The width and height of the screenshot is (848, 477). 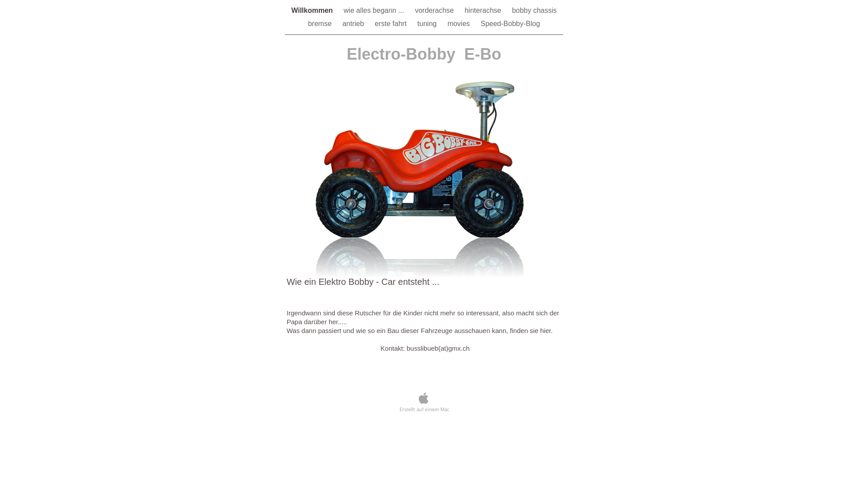 What do you see at coordinates (435, 10) in the screenshot?
I see `'vorderachse'` at bounding box center [435, 10].